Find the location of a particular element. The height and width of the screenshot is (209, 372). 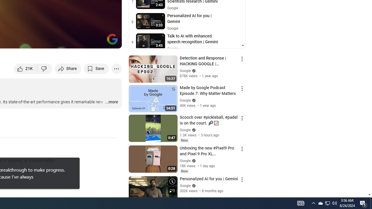

'Miniplayer (i)' is located at coordinates (83, 41).